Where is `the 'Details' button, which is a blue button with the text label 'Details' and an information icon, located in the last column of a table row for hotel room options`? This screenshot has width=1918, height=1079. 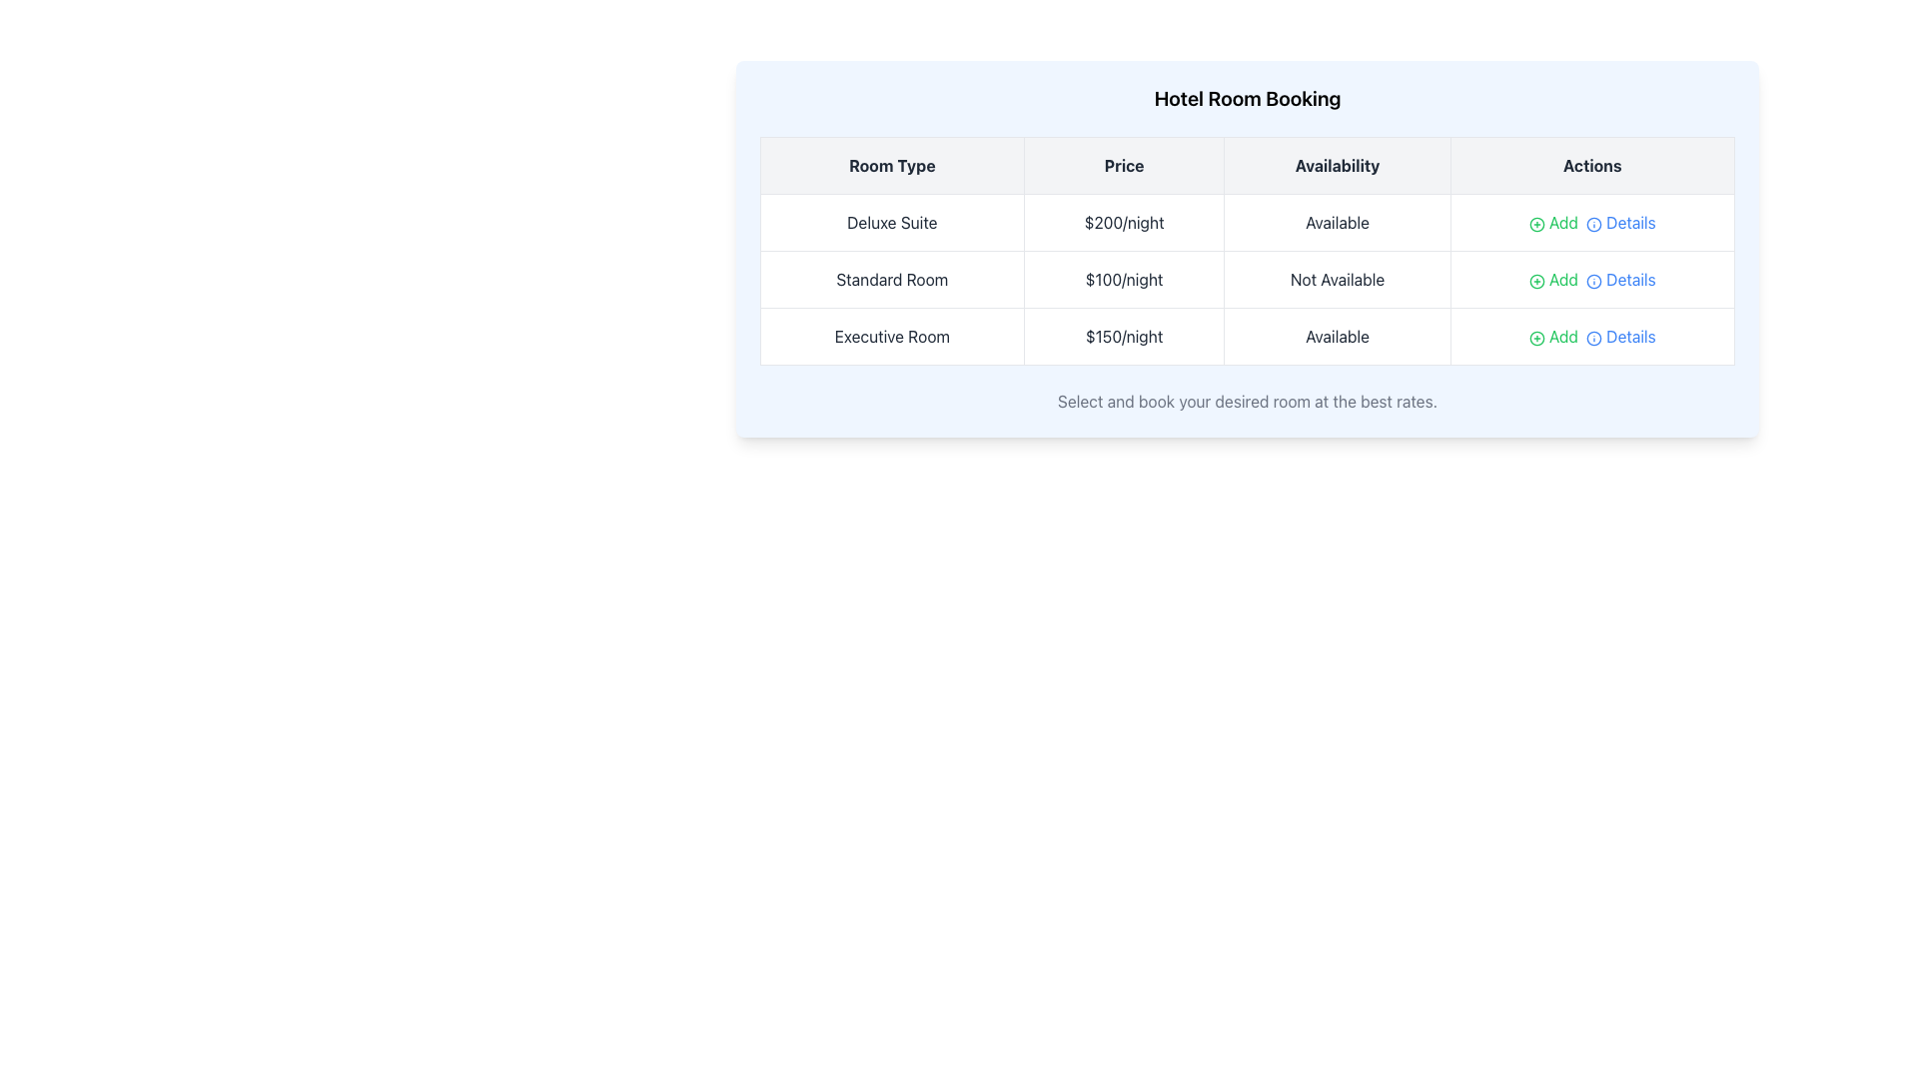 the 'Details' button, which is a blue button with the text label 'Details' and an information icon, located in the last column of a table row for hotel room options is located at coordinates (1620, 223).